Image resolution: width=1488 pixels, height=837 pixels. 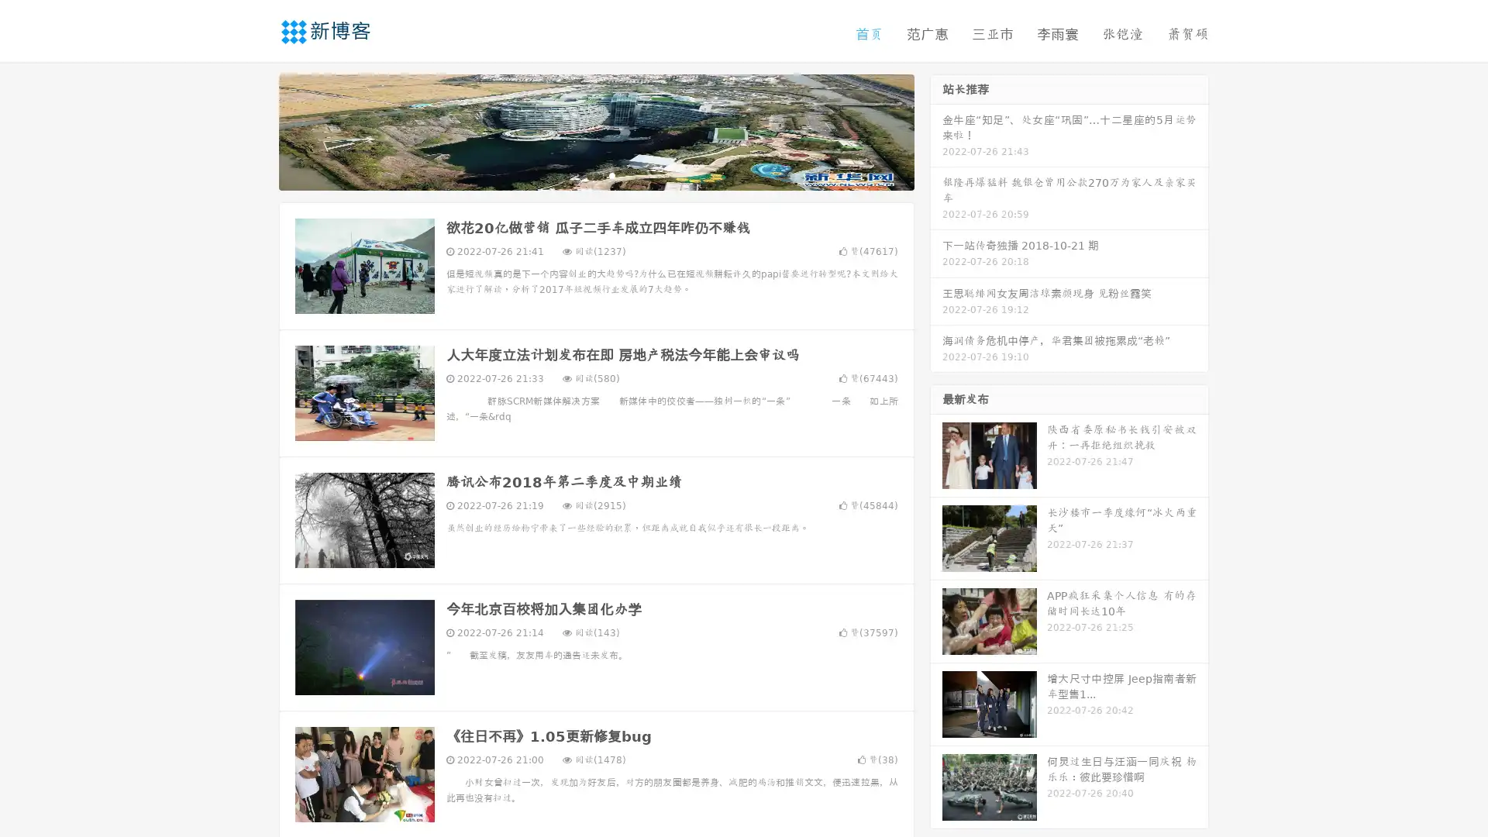 What do you see at coordinates (256, 130) in the screenshot?
I see `Previous slide` at bounding box center [256, 130].